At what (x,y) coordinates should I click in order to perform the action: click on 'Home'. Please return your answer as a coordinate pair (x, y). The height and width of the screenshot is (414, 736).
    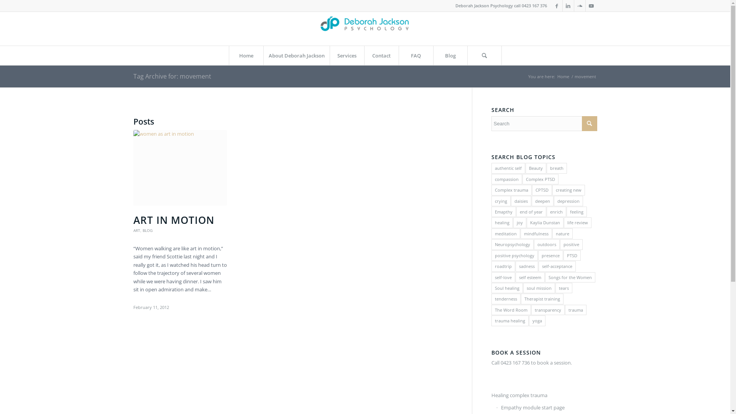
    Looking at the image, I should click on (563, 76).